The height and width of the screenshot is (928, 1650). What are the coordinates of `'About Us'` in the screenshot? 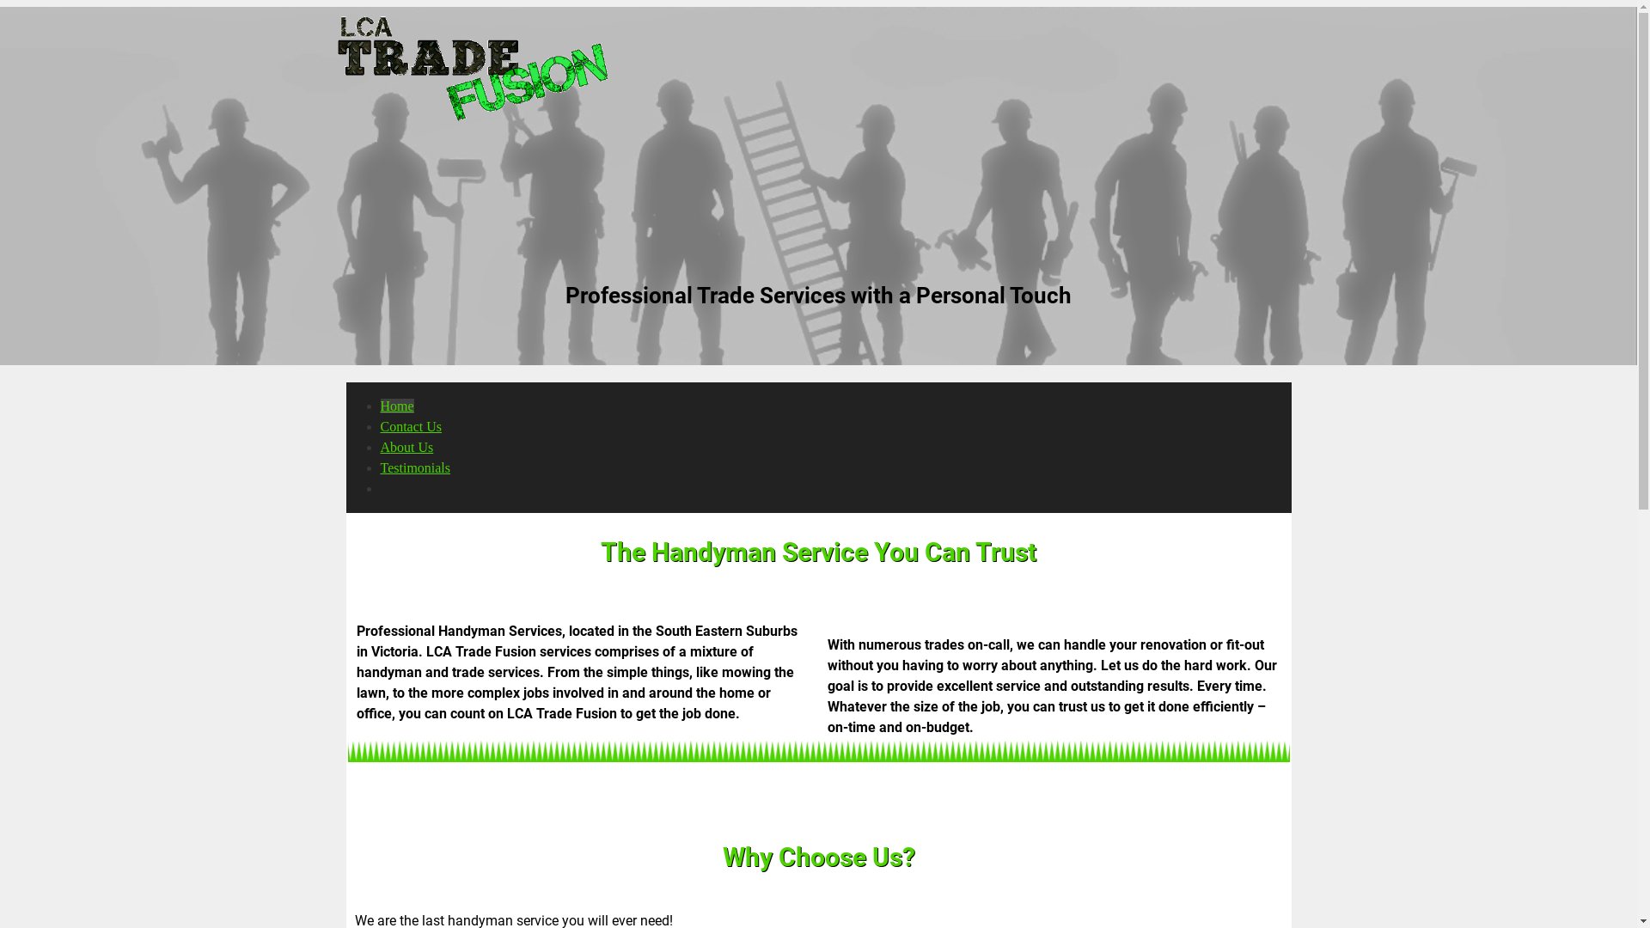 It's located at (406, 446).